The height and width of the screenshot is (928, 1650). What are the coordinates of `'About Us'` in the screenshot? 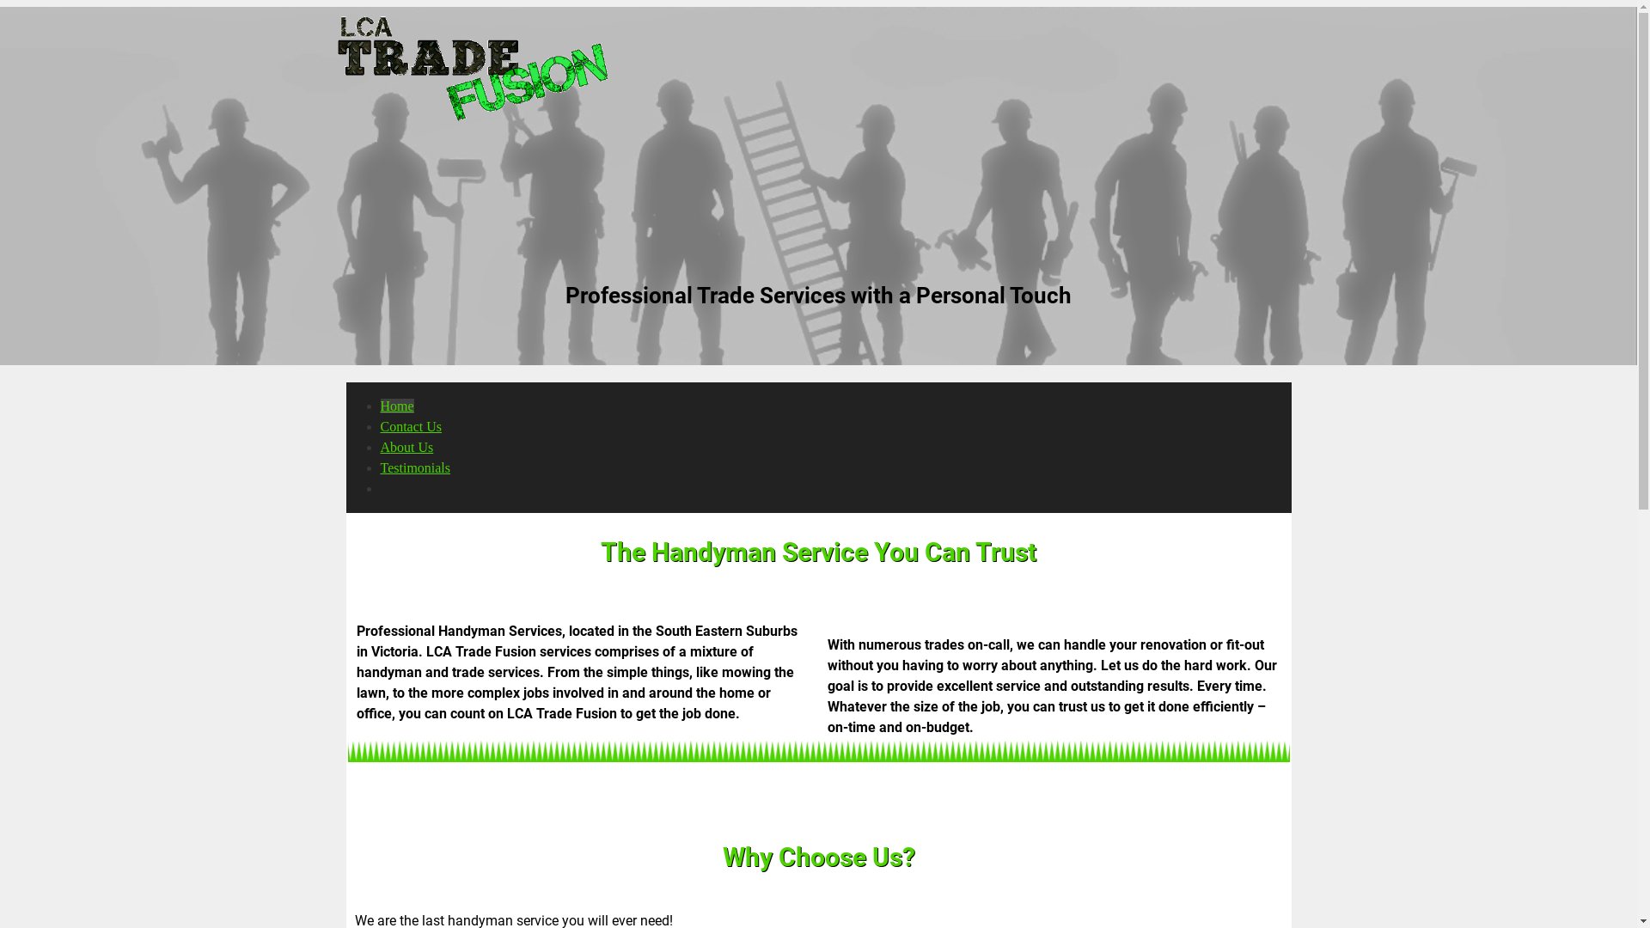 It's located at (406, 446).